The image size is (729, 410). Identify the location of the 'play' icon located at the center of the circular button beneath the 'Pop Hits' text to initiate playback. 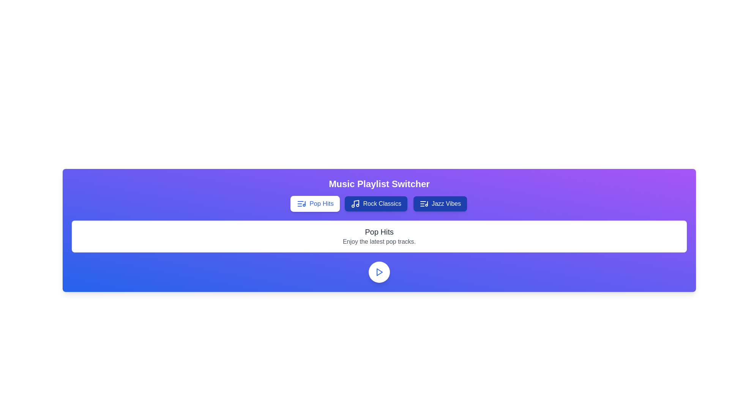
(379, 272).